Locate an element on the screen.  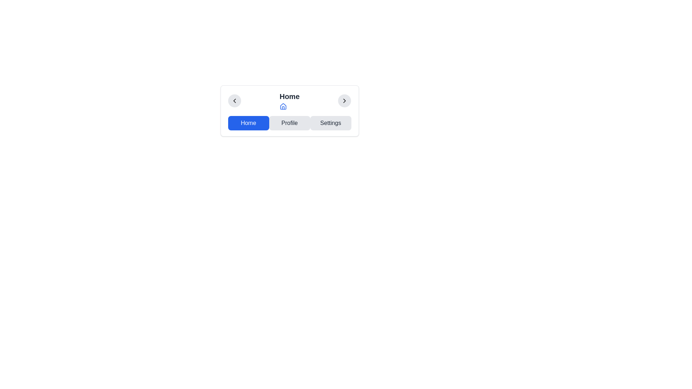
the SVG icon located in the top-left corner of the navigation menu bar, which is positioned to the left of the 'Home' text is located at coordinates (234, 101).